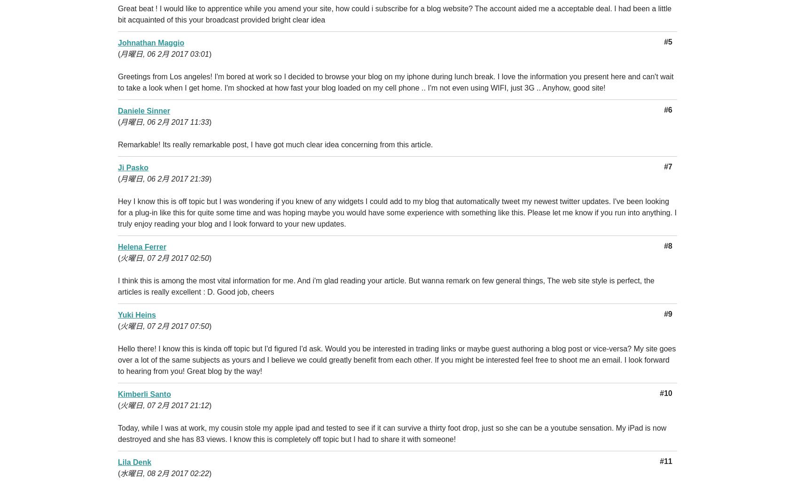 The width and height of the screenshot is (795, 486). What do you see at coordinates (667, 167) in the screenshot?
I see `'#7'` at bounding box center [667, 167].